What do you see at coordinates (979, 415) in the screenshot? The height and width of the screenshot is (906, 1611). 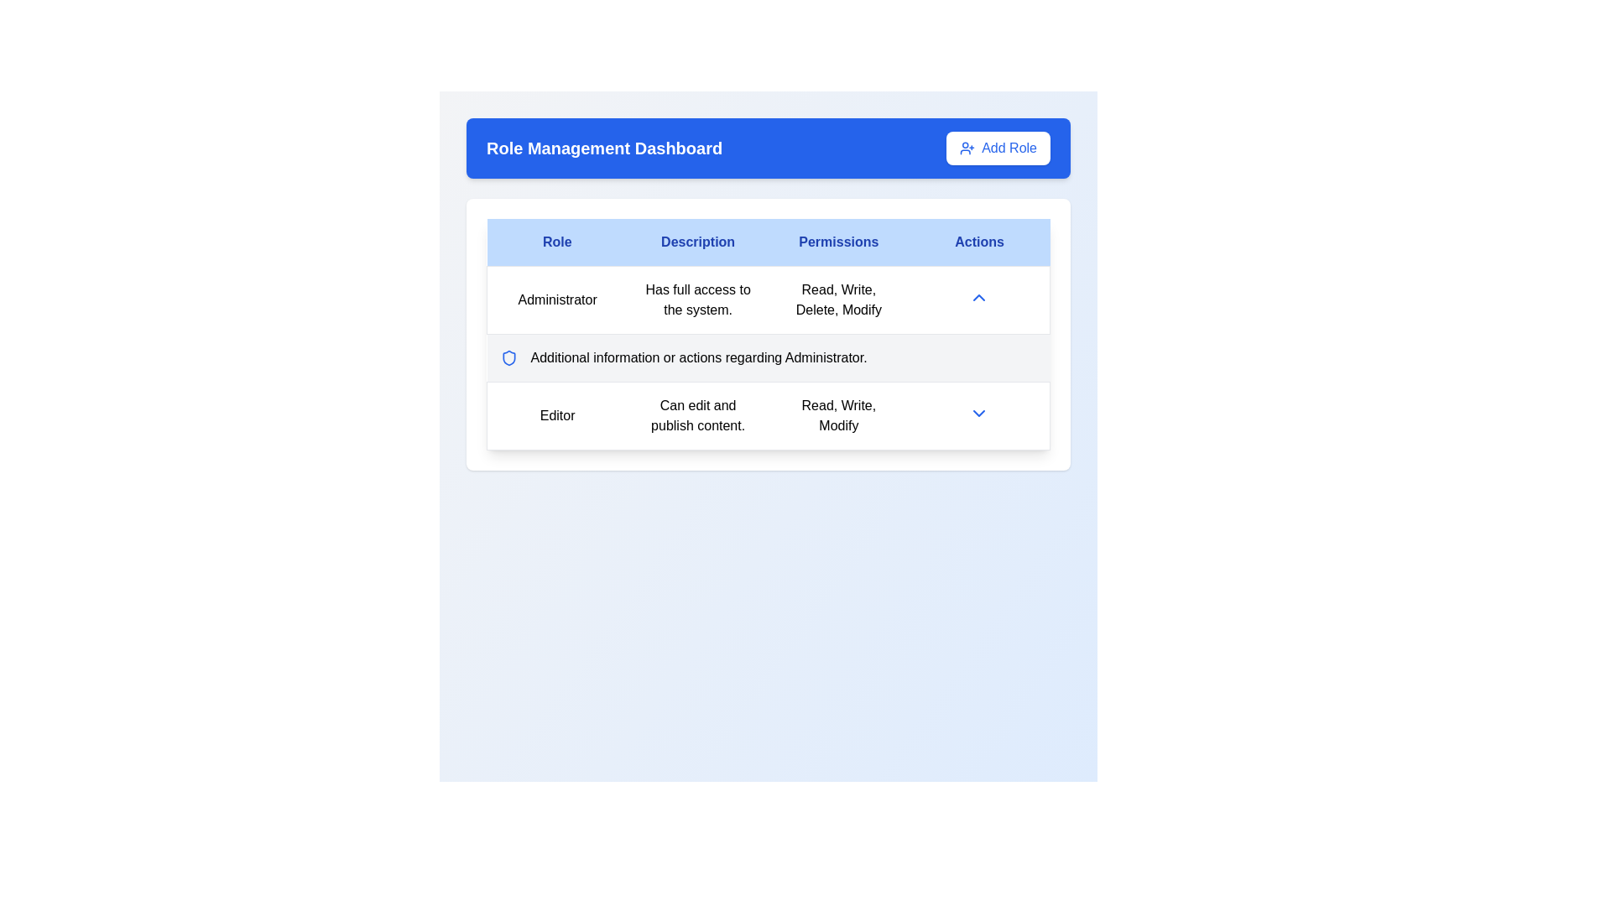 I see `the blue downward-facing arrow icon of the Dropdown toggle button located to the right of the 'Editor' row in the table` at bounding box center [979, 415].